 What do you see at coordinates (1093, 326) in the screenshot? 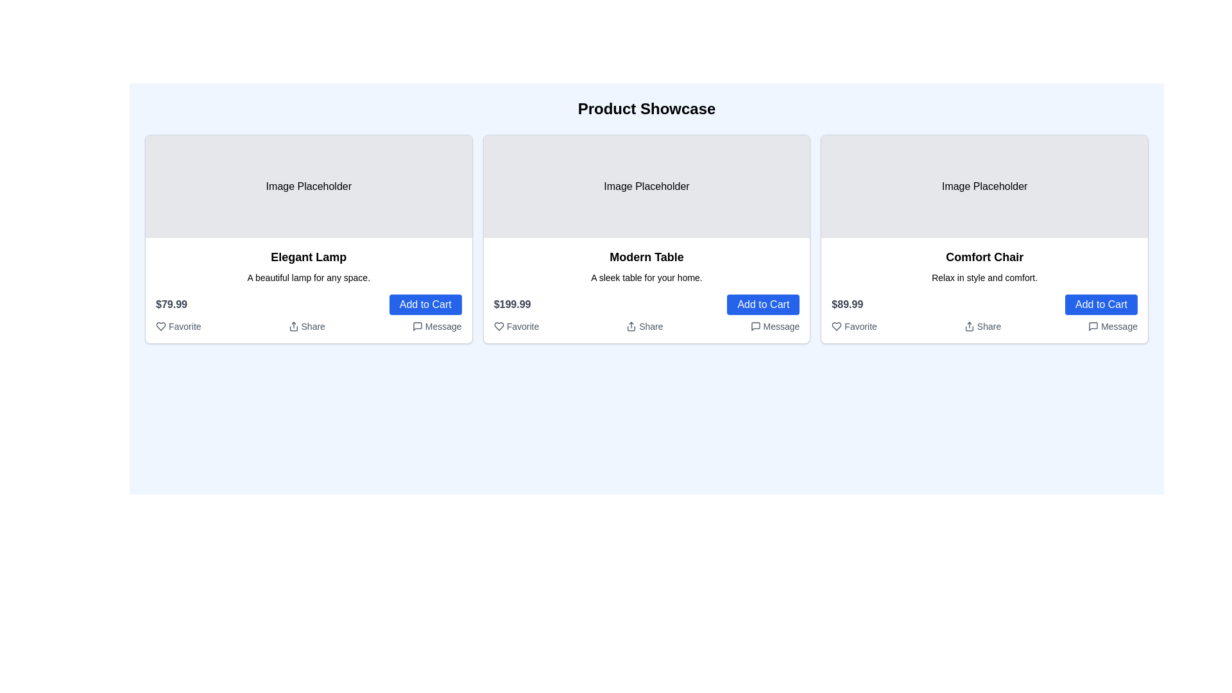
I see `the message bubble icon button located at the bottom right of the 'Comfort Chair' product card` at bounding box center [1093, 326].